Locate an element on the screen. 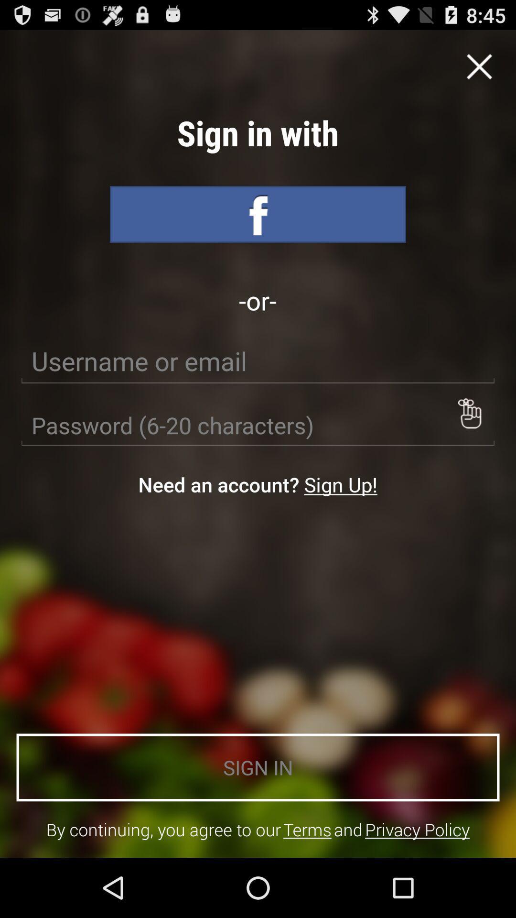  privacy policy is located at coordinates (417, 829).